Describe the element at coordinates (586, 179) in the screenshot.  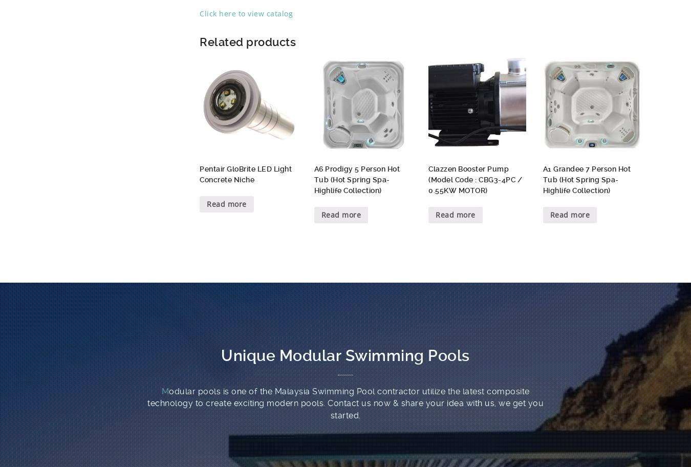
I see `'A1 Grandee 7 Person Hot Tub (Hot Spring Spa- Highlife Collection)'` at that location.